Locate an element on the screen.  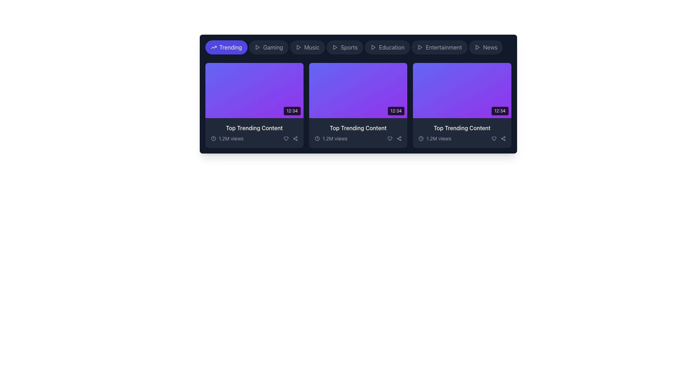
content information displayed in the Text block located in the bottom section of the third card in the trending content section is located at coordinates (462, 133).